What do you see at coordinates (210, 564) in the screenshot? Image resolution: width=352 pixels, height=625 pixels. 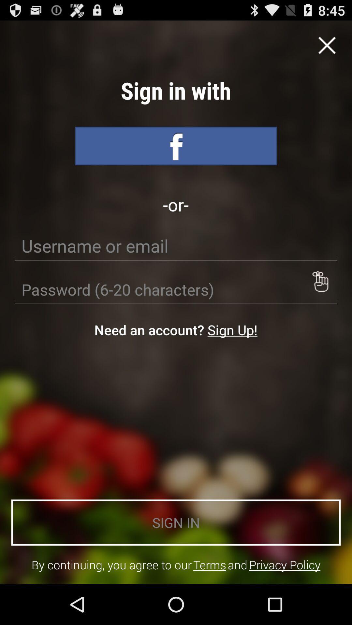 I see `icon to the right of the by continuing you item` at bounding box center [210, 564].